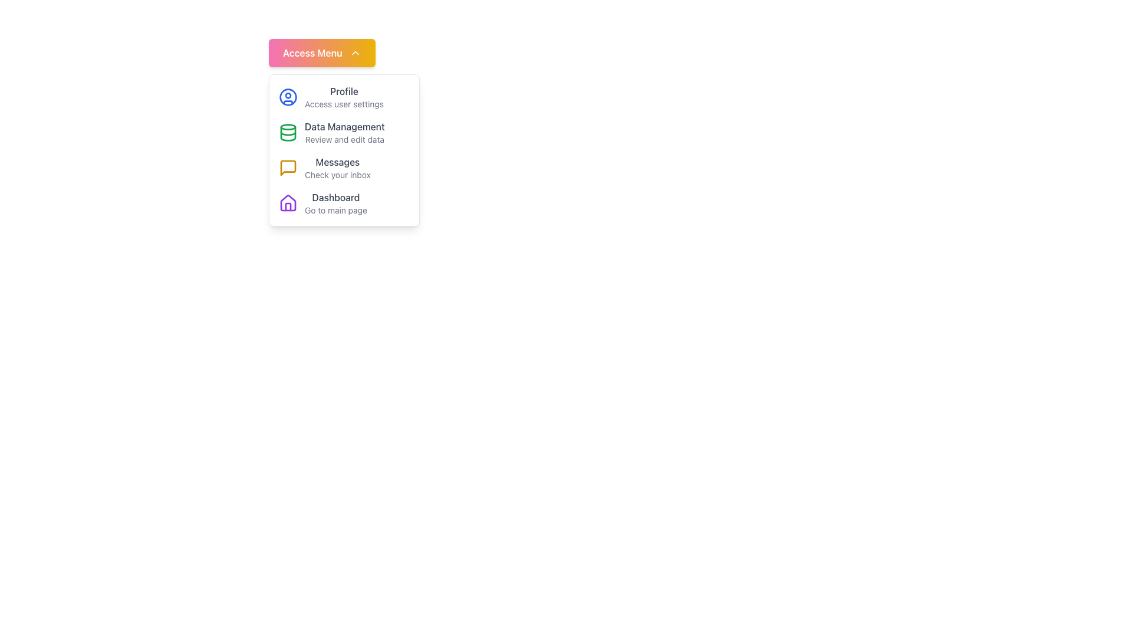 This screenshot has height=637, width=1132. Describe the element at coordinates (288, 202) in the screenshot. I see `the decorative icon associated with the 'Dashboard' menu item, which is the lower part of a two-part SVG icon` at that location.